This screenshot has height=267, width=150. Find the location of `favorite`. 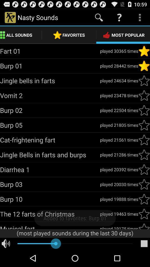

favorite is located at coordinates (144, 95).